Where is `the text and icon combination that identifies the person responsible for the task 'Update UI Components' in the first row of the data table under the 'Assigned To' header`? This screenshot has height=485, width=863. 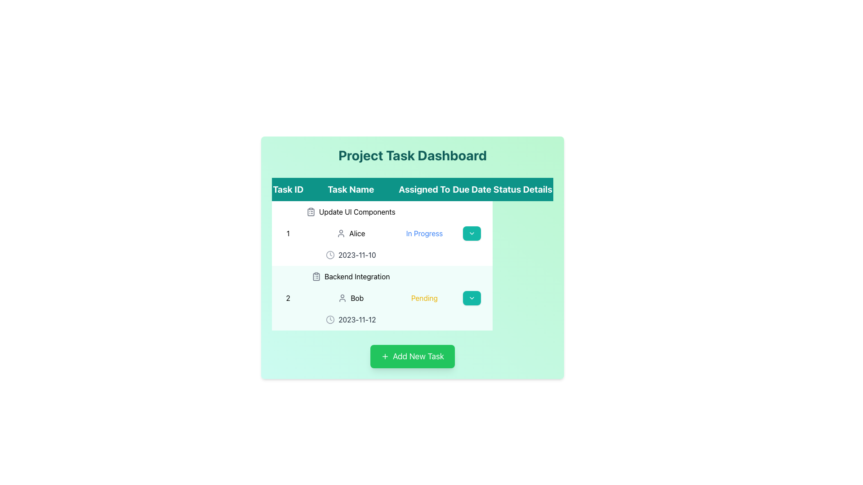
the text and icon combination that identifies the person responsible for the task 'Update UI Components' in the first row of the data table under the 'Assigned To' header is located at coordinates (350, 233).